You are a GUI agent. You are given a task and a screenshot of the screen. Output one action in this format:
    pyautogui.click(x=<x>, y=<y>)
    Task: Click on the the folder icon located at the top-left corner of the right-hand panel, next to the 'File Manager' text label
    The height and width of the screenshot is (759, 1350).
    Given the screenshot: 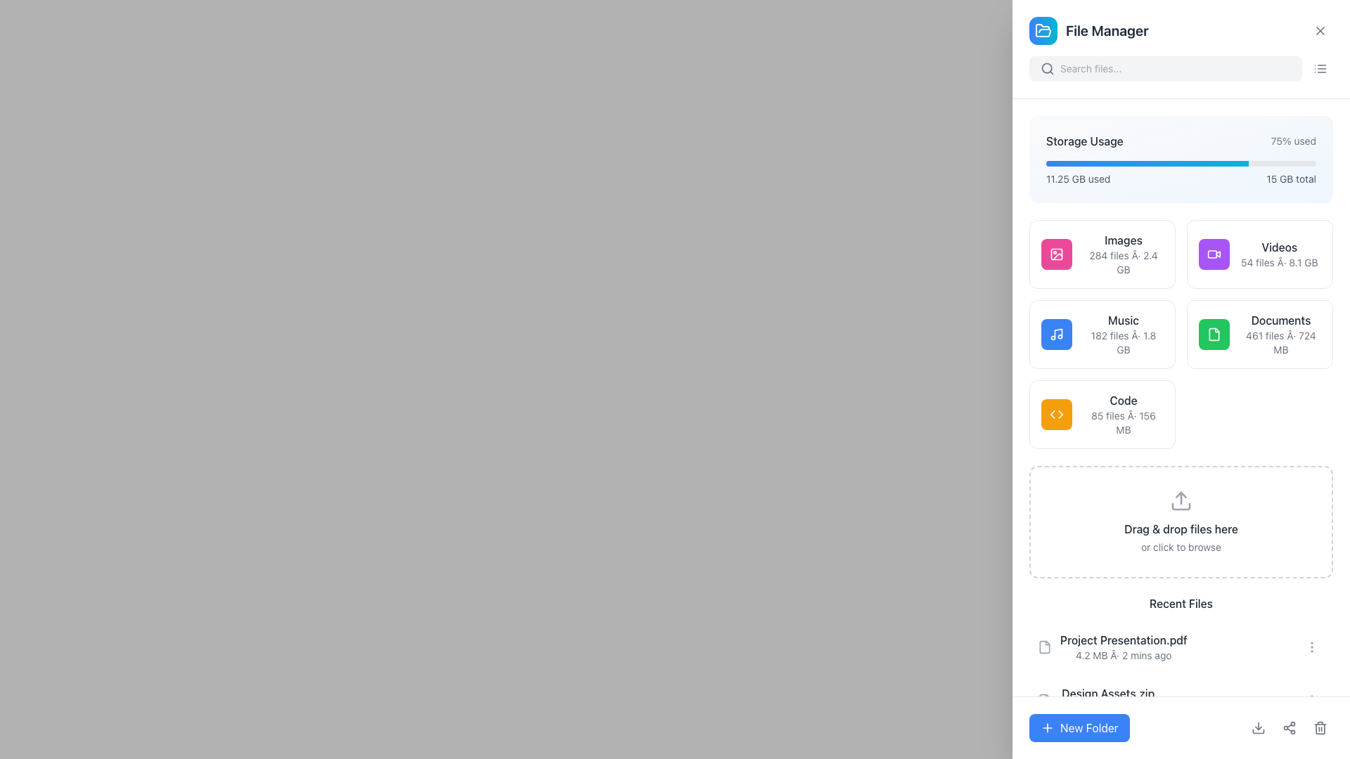 What is the action you would take?
    pyautogui.click(x=1043, y=30)
    